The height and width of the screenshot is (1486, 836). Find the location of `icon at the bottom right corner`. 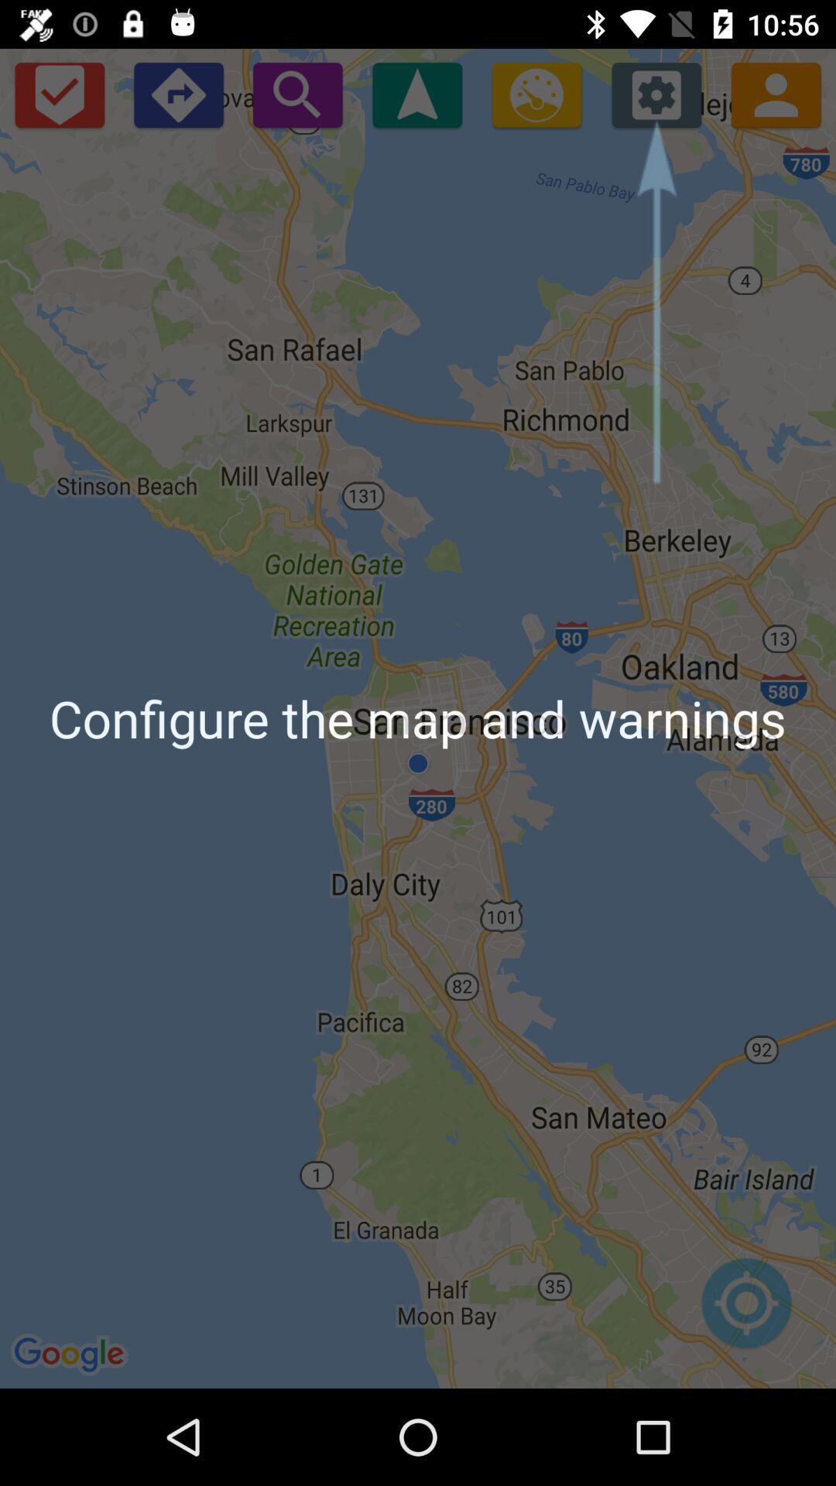

icon at the bottom right corner is located at coordinates (745, 1310).